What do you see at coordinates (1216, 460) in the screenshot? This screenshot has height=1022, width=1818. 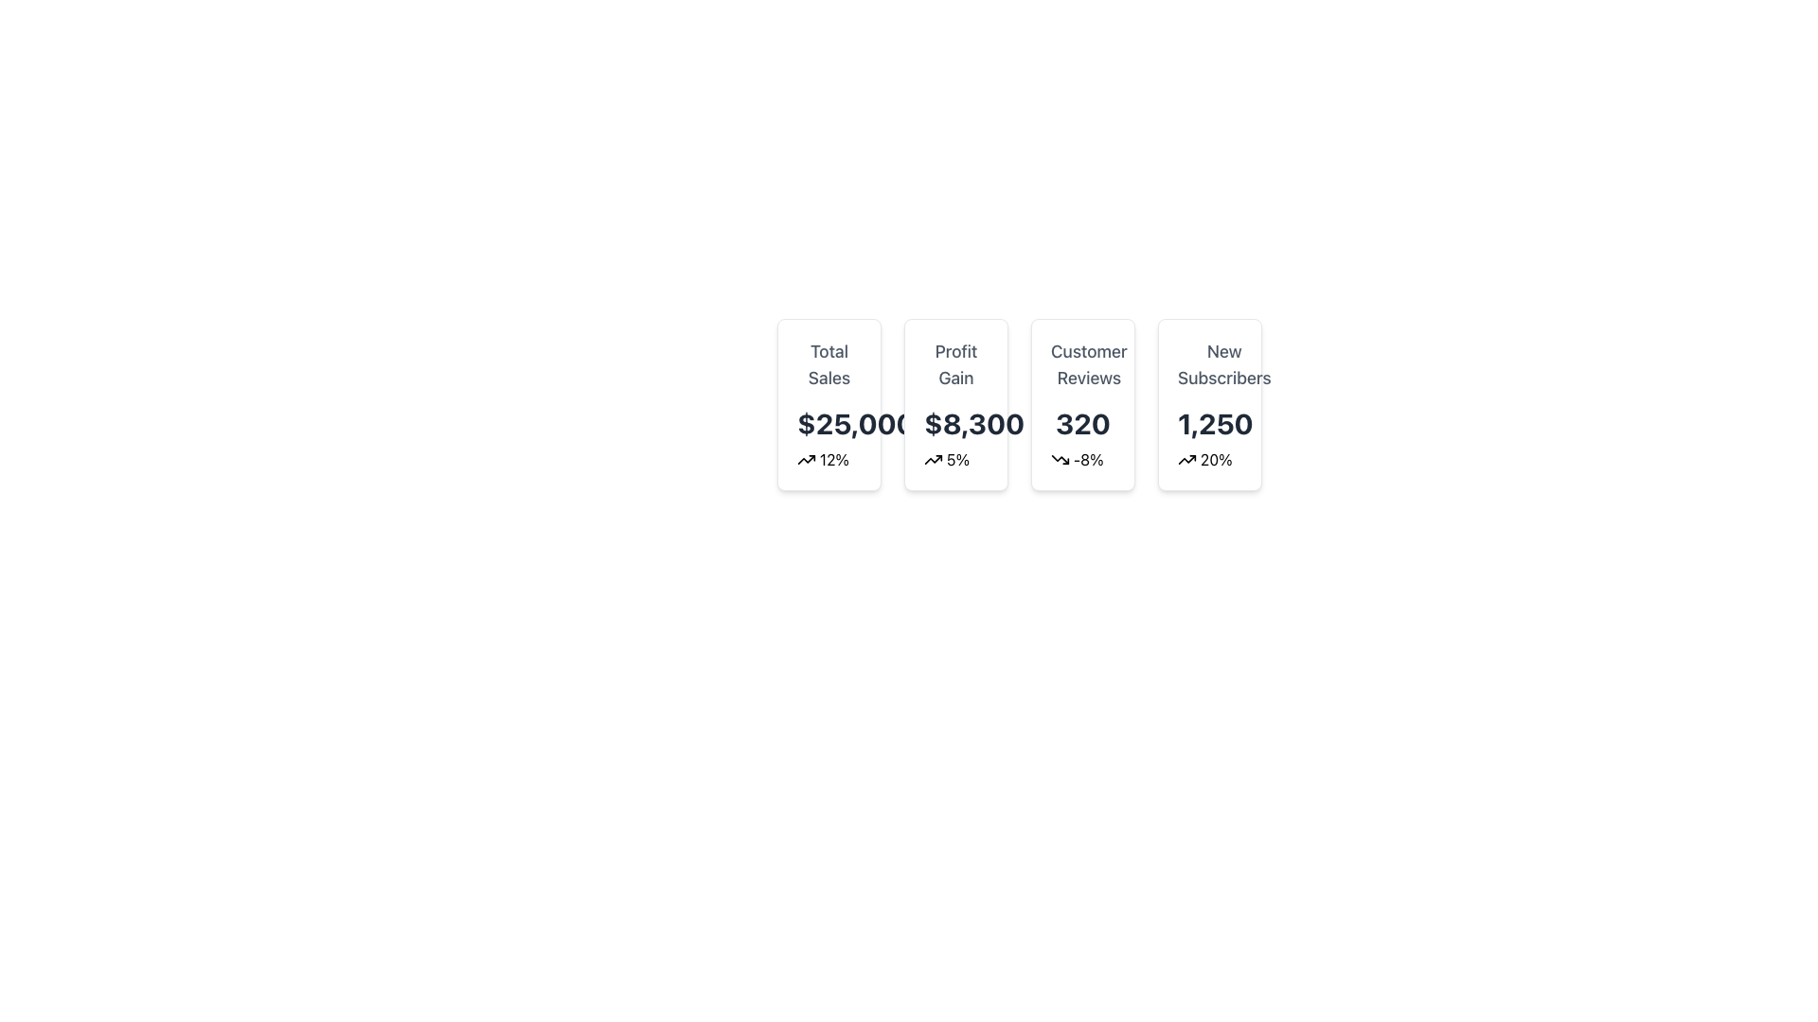 I see `the static text label displaying the percentage growth related to new subscribers, located in the bottom section of the 'New Subscribers' card, to the right of the upward-trending arrow icon` at bounding box center [1216, 460].